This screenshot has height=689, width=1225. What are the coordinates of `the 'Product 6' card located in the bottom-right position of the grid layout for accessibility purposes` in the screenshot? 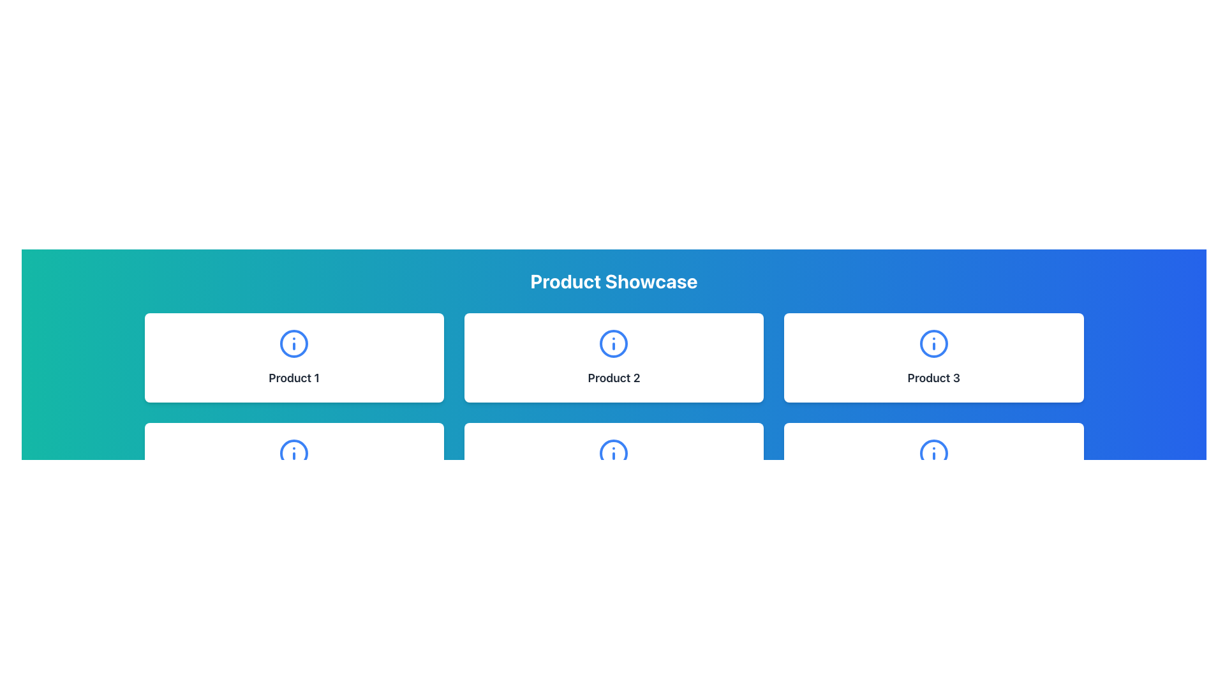 It's located at (933, 467).